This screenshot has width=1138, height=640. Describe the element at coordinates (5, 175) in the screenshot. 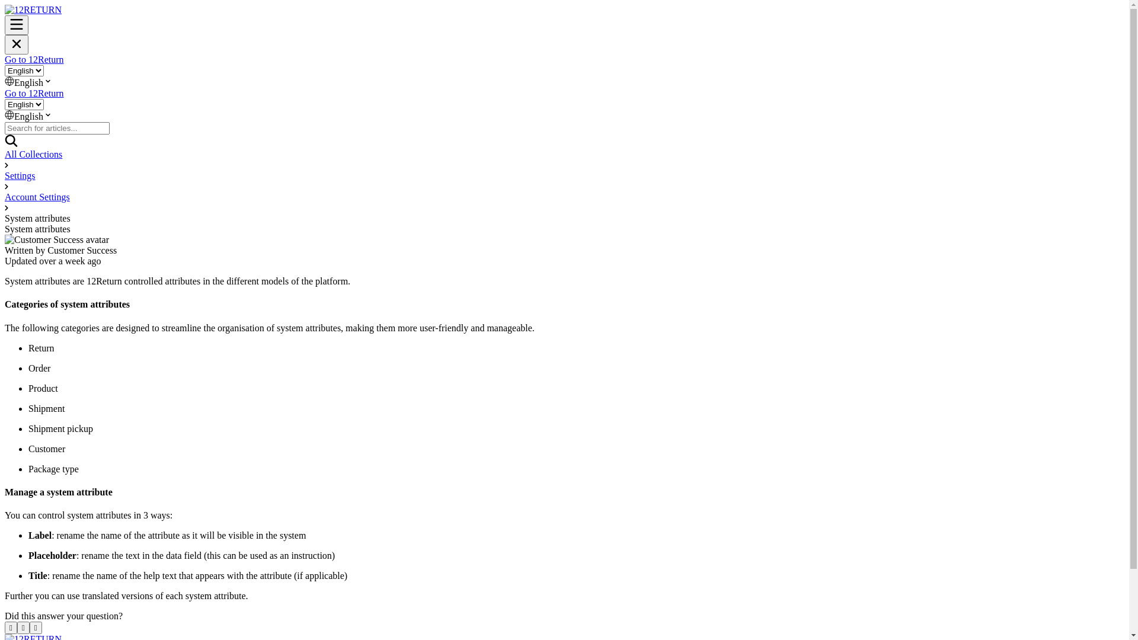

I see `'Settings'` at that location.